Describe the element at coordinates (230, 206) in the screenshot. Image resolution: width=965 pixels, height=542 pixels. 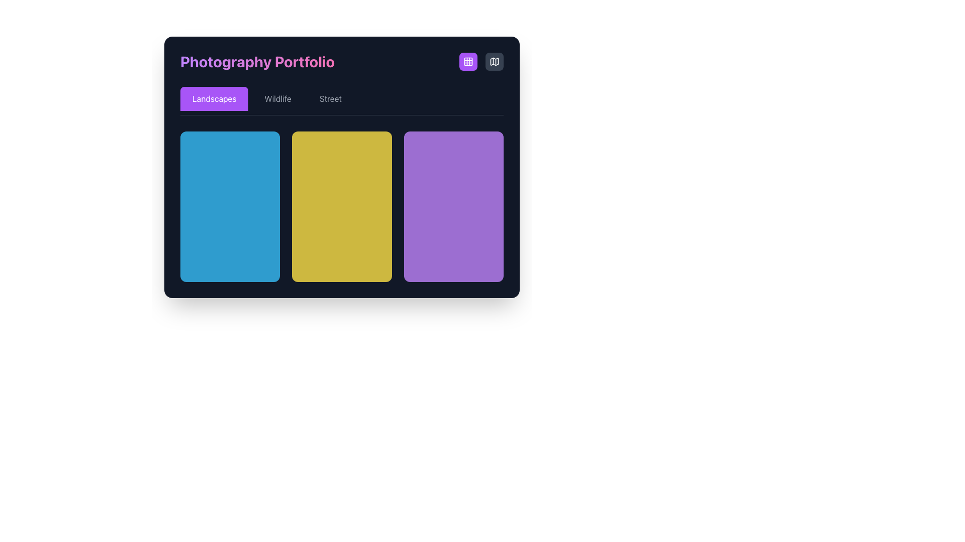
I see `on the leftmost image card in the first column of a three-column grid layout` at that location.